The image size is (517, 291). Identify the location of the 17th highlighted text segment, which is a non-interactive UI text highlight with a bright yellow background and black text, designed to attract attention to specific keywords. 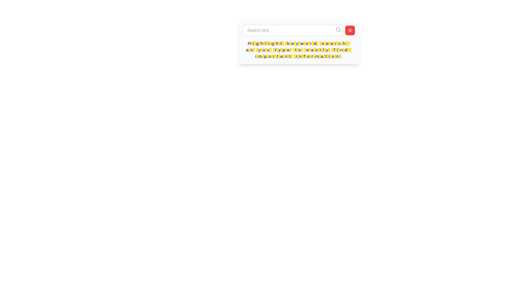
(320, 56).